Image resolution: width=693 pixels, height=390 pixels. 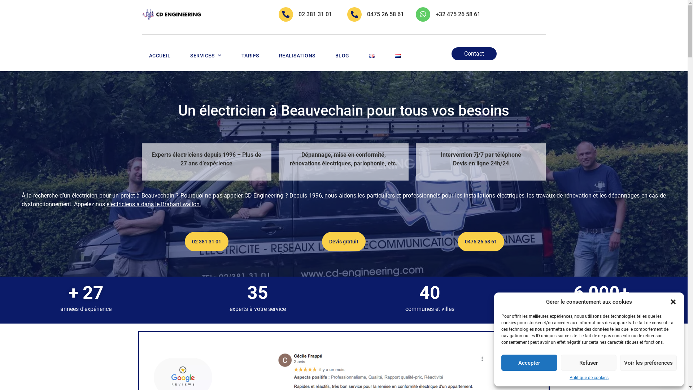 What do you see at coordinates (159, 55) in the screenshot?
I see `'ACCUEIL'` at bounding box center [159, 55].